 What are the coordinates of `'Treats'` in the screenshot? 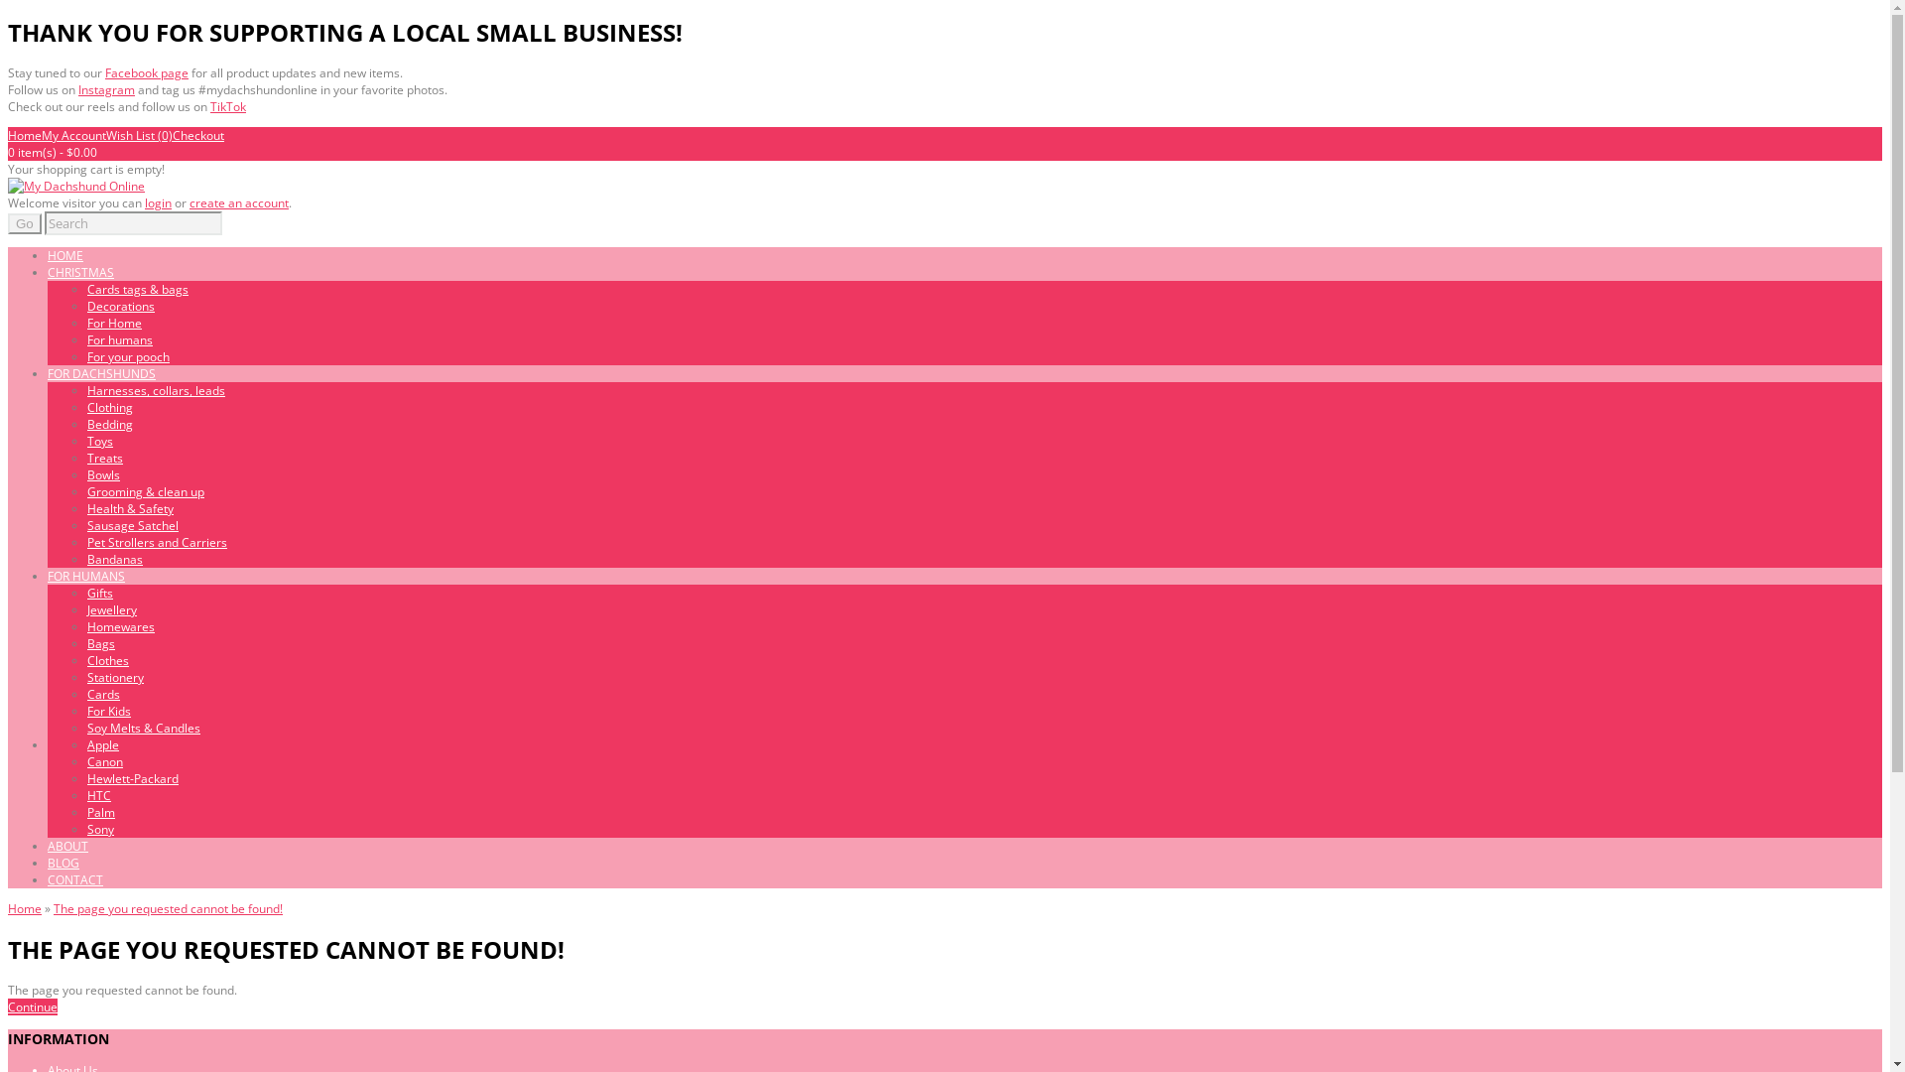 It's located at (103, 458).